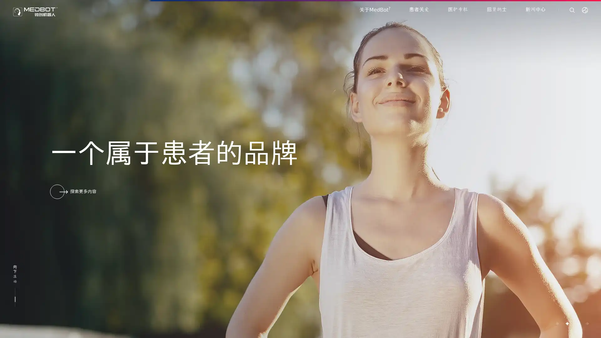 This screenshot has width=601, height=338. I want to click on Go to slide 3, so click(577, 323).